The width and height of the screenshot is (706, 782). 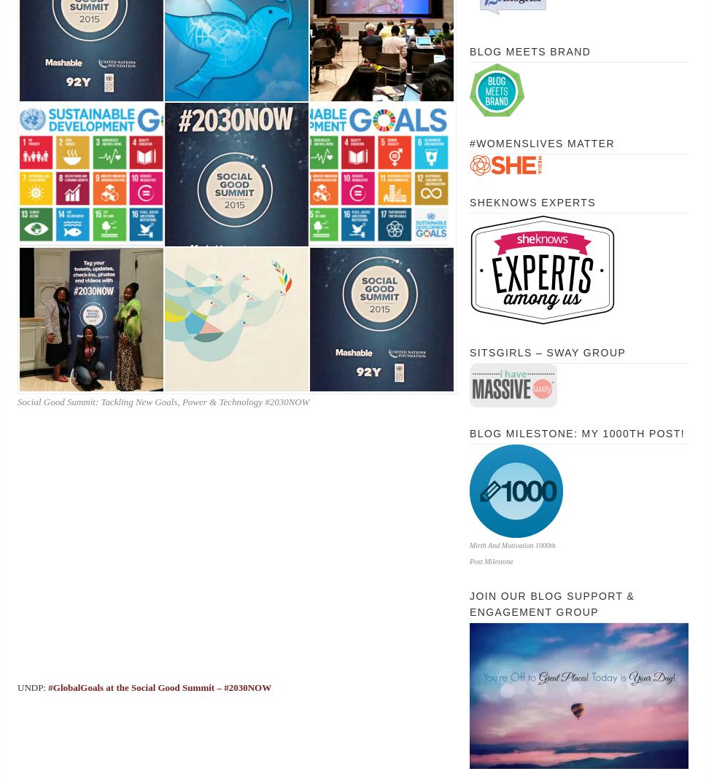 I want to click on 'SITSGirls – Sway Group', so click(x=469, y=352).